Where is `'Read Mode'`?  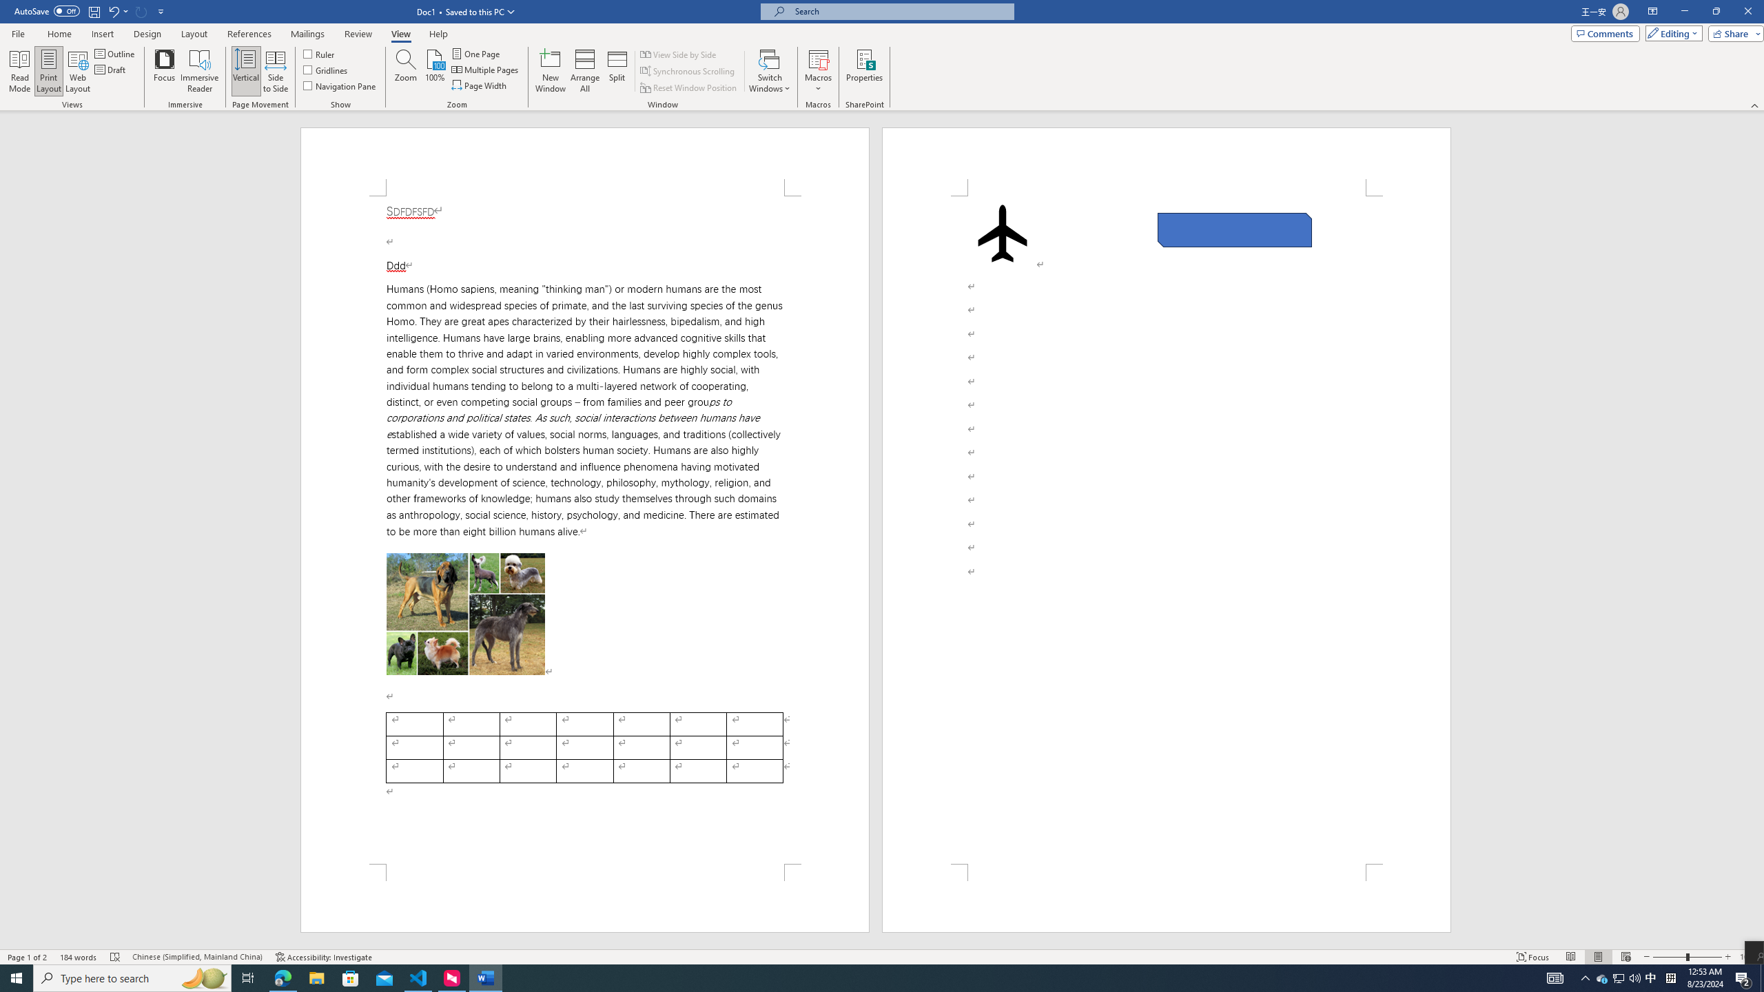
'Read Mode' is located at coordinates (19, 71).